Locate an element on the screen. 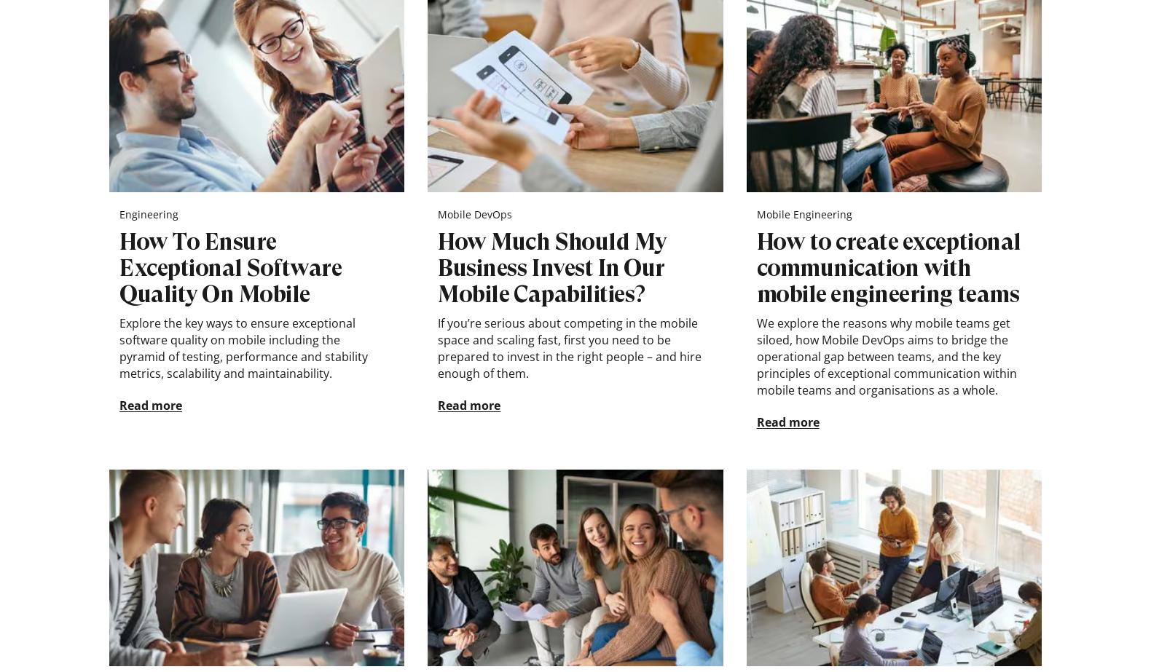 Image resolution: width=1151 pixels, height=672 pixels. 'Reg. HRB 148153 B' is located at coordinates (441, 656).